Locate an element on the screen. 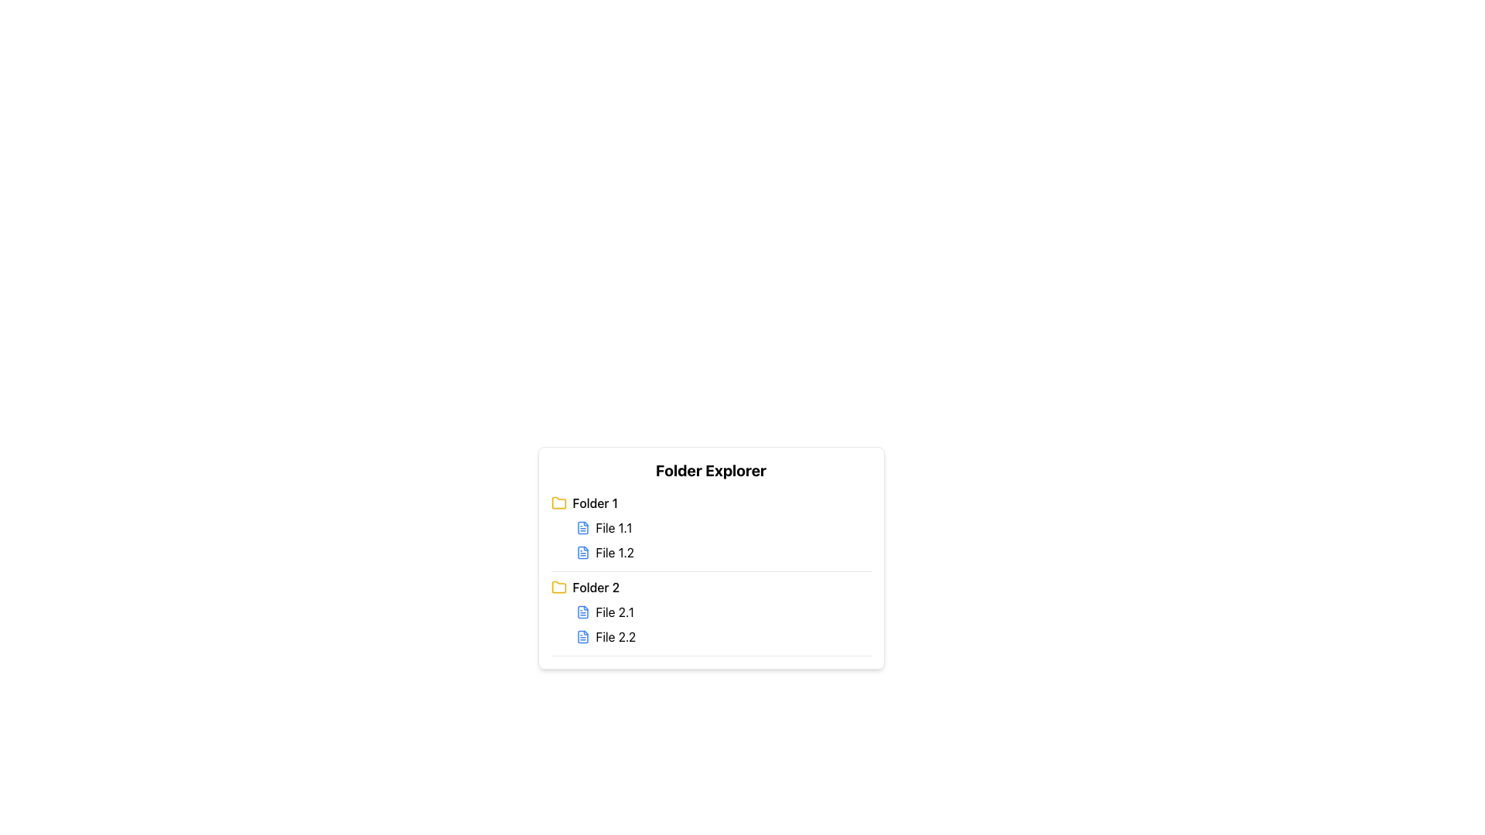 The height and width of the screenshot is (835, 1485). the labeled file icon 'File 2.2' is located at coordinates (722, 637).